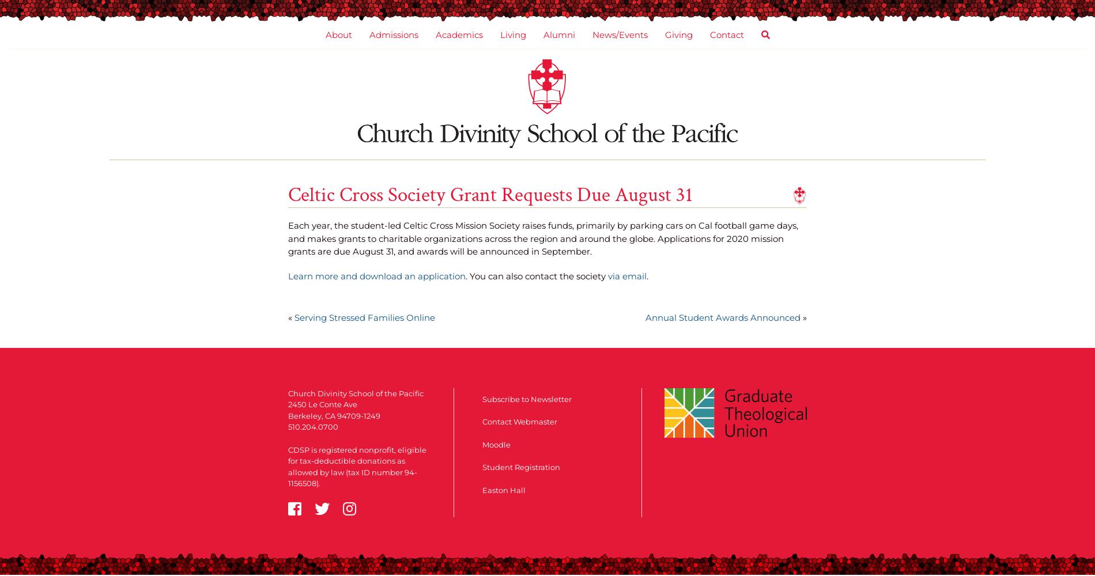 The image size is (1095, 576). I want to click on 'Contextual Education', so click(529, 160).